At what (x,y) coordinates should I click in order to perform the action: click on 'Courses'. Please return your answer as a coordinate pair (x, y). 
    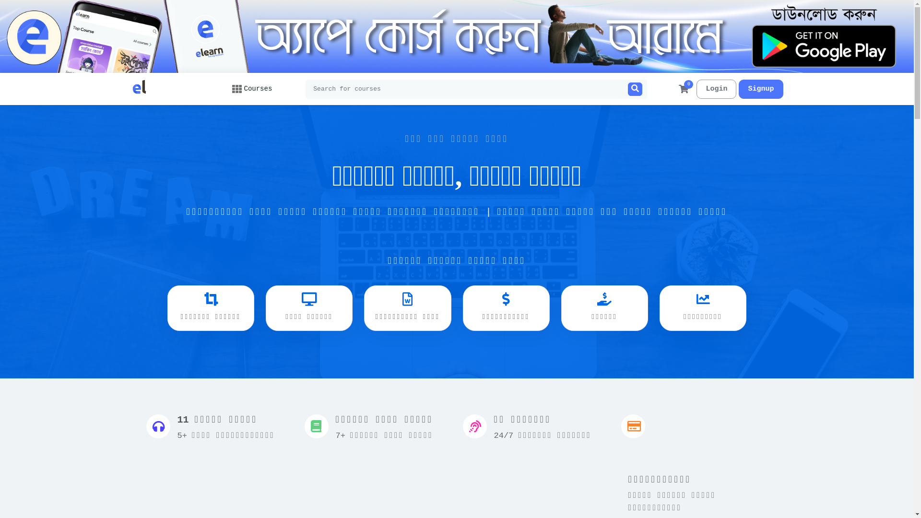
    Looking at the image, I should click on (232, 89).